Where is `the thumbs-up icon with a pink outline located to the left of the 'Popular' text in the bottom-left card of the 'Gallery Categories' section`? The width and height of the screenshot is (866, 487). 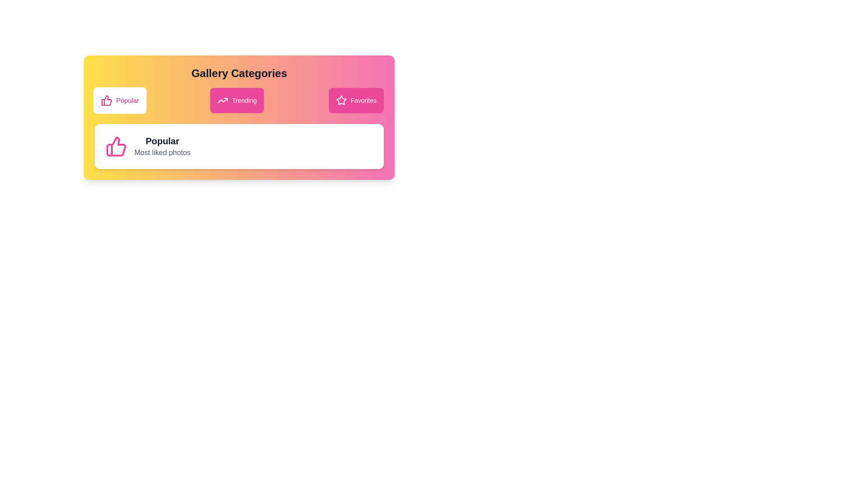 the thumbs-up icon with a pink outline located to the left of the 'Popular' text in the bottom-left card of the 'Gallery Categories' section is located at coordinates (106, 101).